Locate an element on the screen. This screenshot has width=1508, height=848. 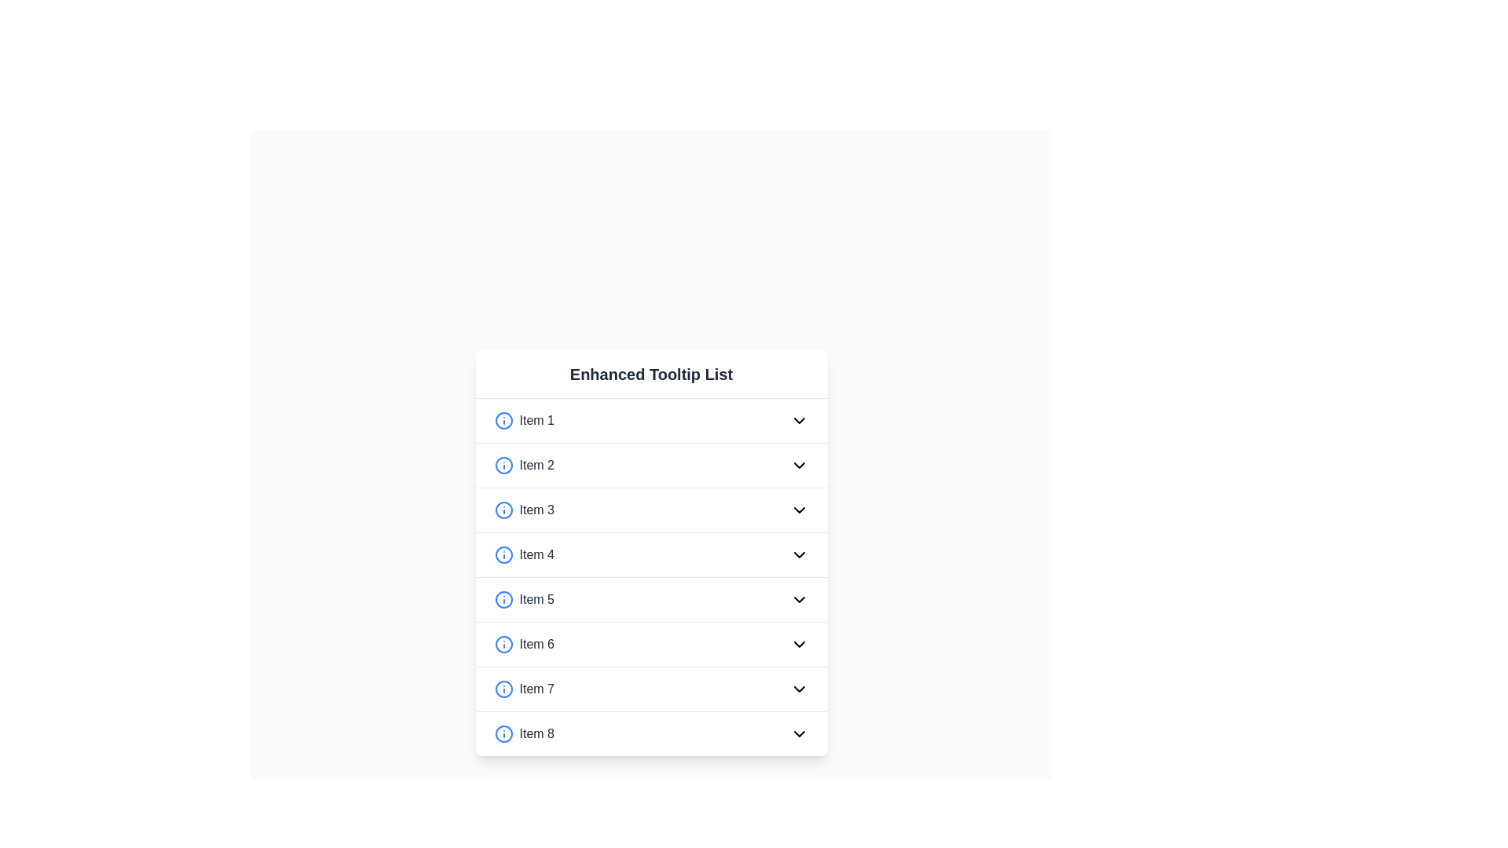
the fifth selectable list item in the 'Enhanced Tooltip List' is located at coordinates (651, 599).